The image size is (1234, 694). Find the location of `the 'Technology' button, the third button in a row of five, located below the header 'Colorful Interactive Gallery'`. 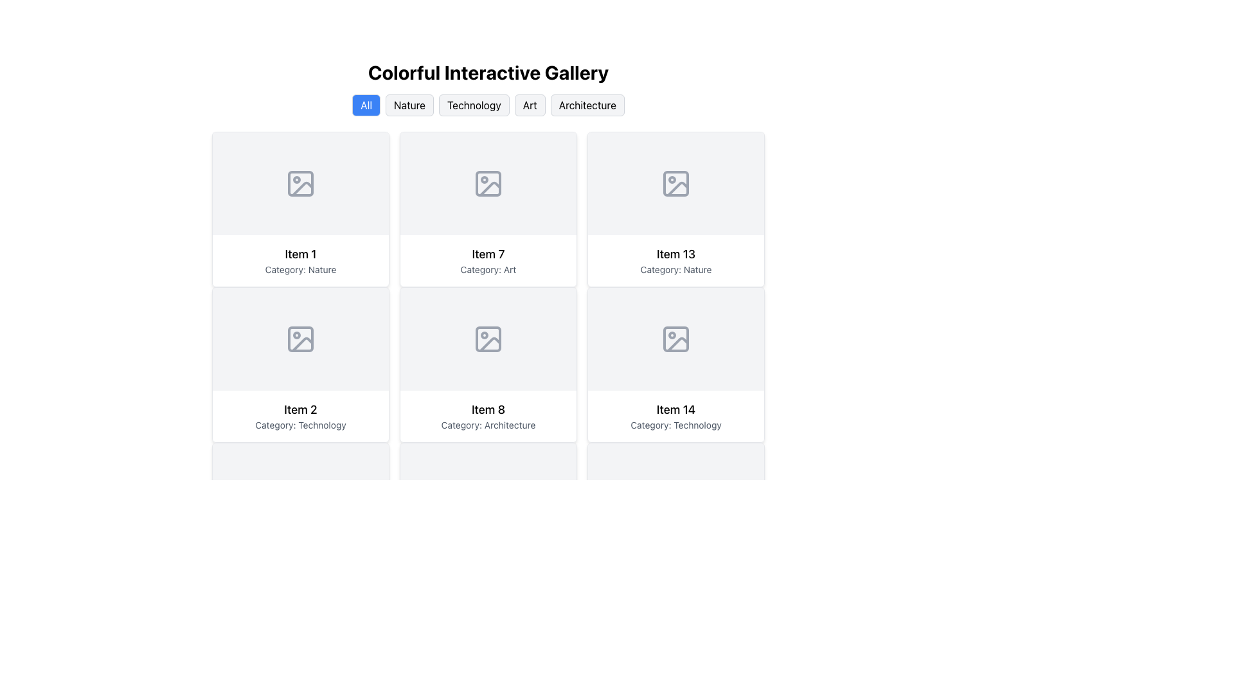

the 'Technology' button, the third button in a row of five, located below the header 'Colorful Interactive Gallery' is located at coordinates (487, 105).